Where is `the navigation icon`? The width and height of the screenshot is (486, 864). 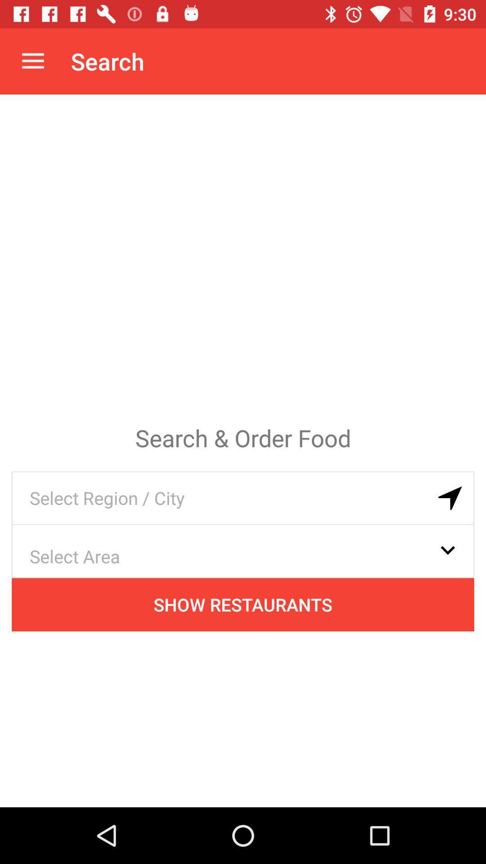
the navigation icon is located at coordinates (450, 498).